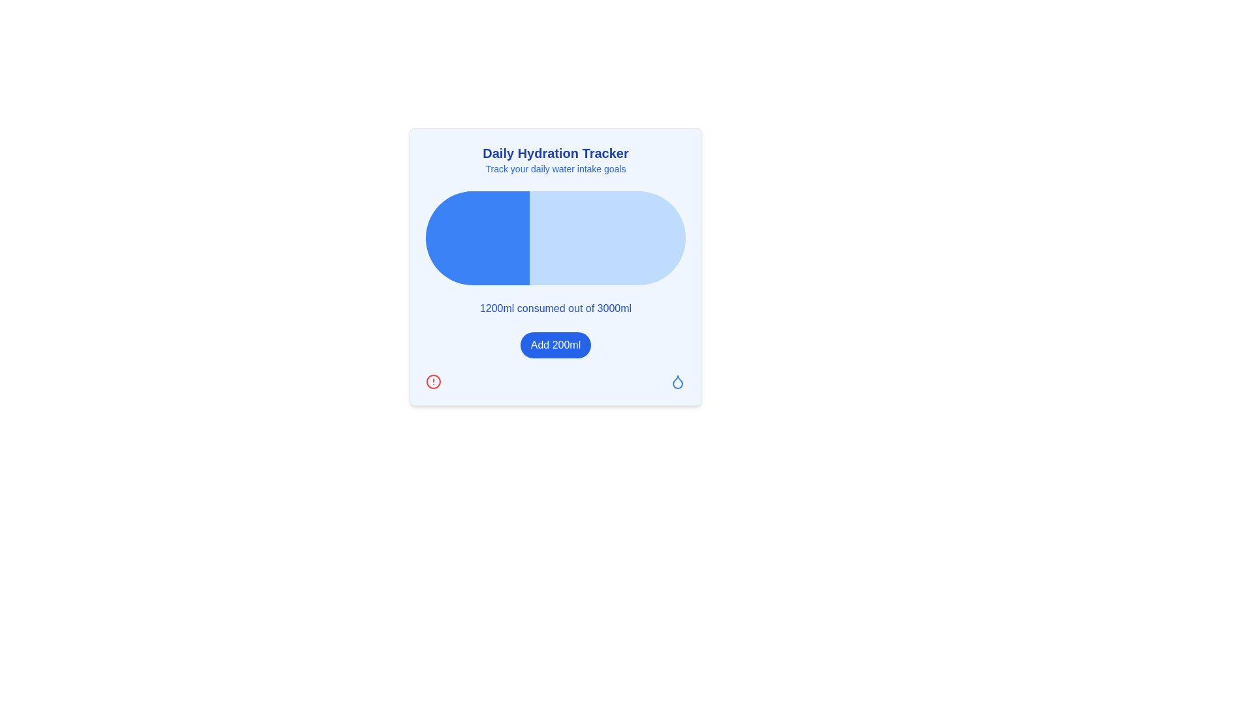 The height and width of the screenshot is (705, 1254). What do you see at coordinates (677, 382) in the screenshot?
I see `the decorative icon located at the bottom-right of the hydration tracker card, which reinforces the hydration theme` at bounding box center [677, 382].